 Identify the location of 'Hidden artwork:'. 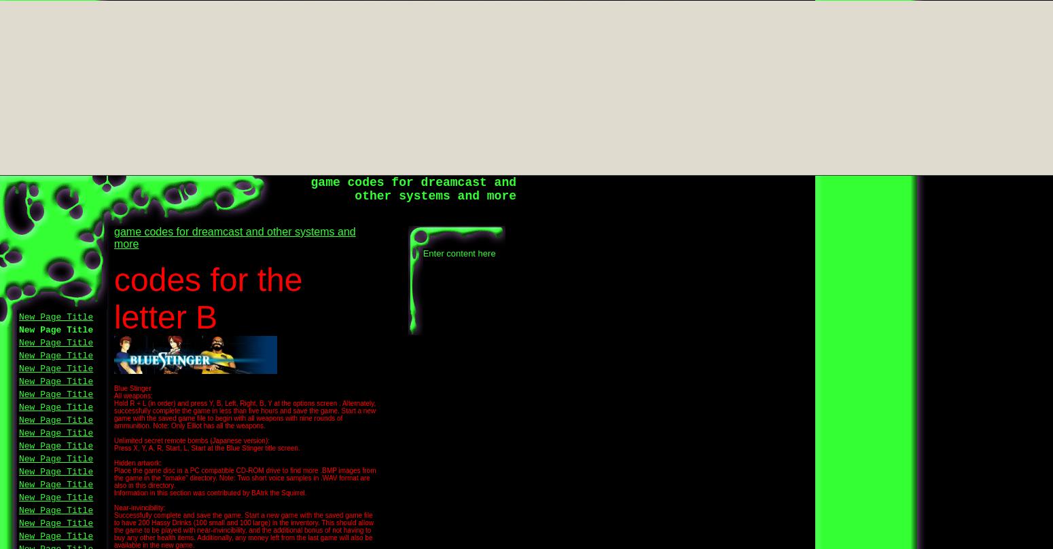
(137, 462).